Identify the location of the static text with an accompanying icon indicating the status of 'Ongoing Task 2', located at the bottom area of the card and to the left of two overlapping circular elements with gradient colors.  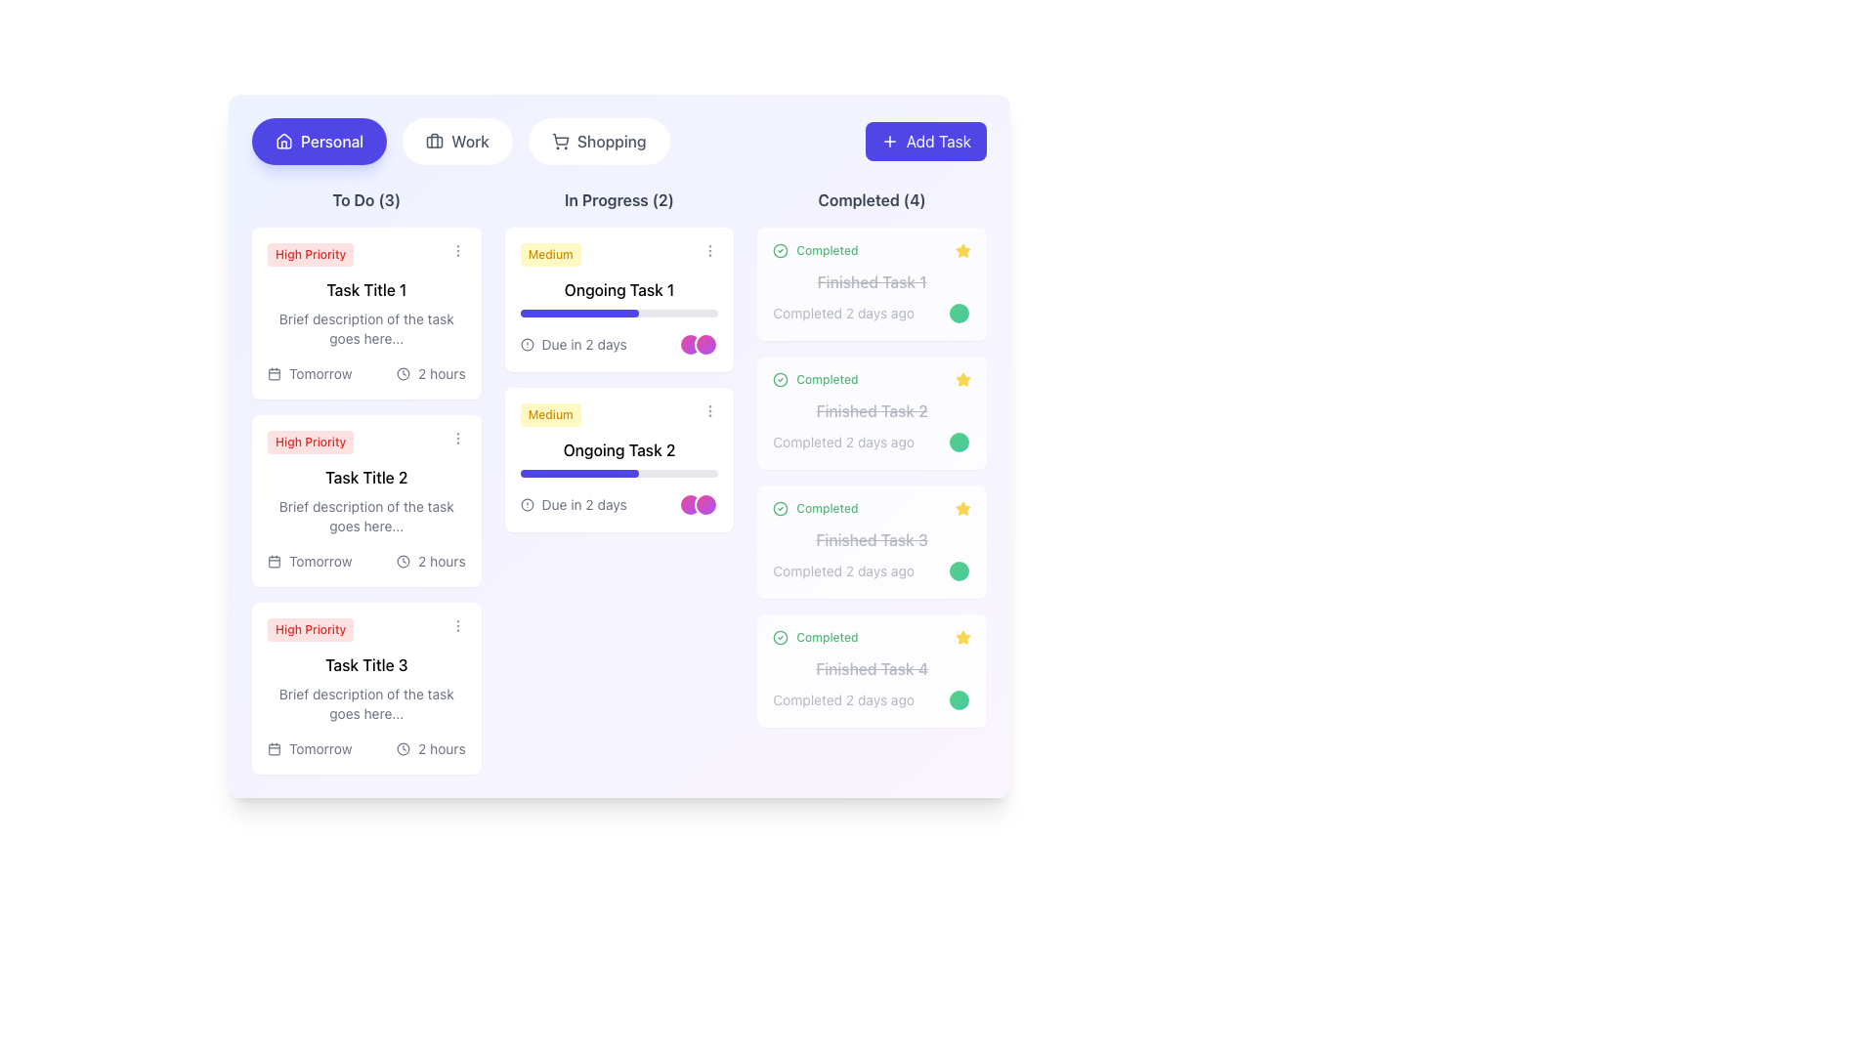
(618, 503).